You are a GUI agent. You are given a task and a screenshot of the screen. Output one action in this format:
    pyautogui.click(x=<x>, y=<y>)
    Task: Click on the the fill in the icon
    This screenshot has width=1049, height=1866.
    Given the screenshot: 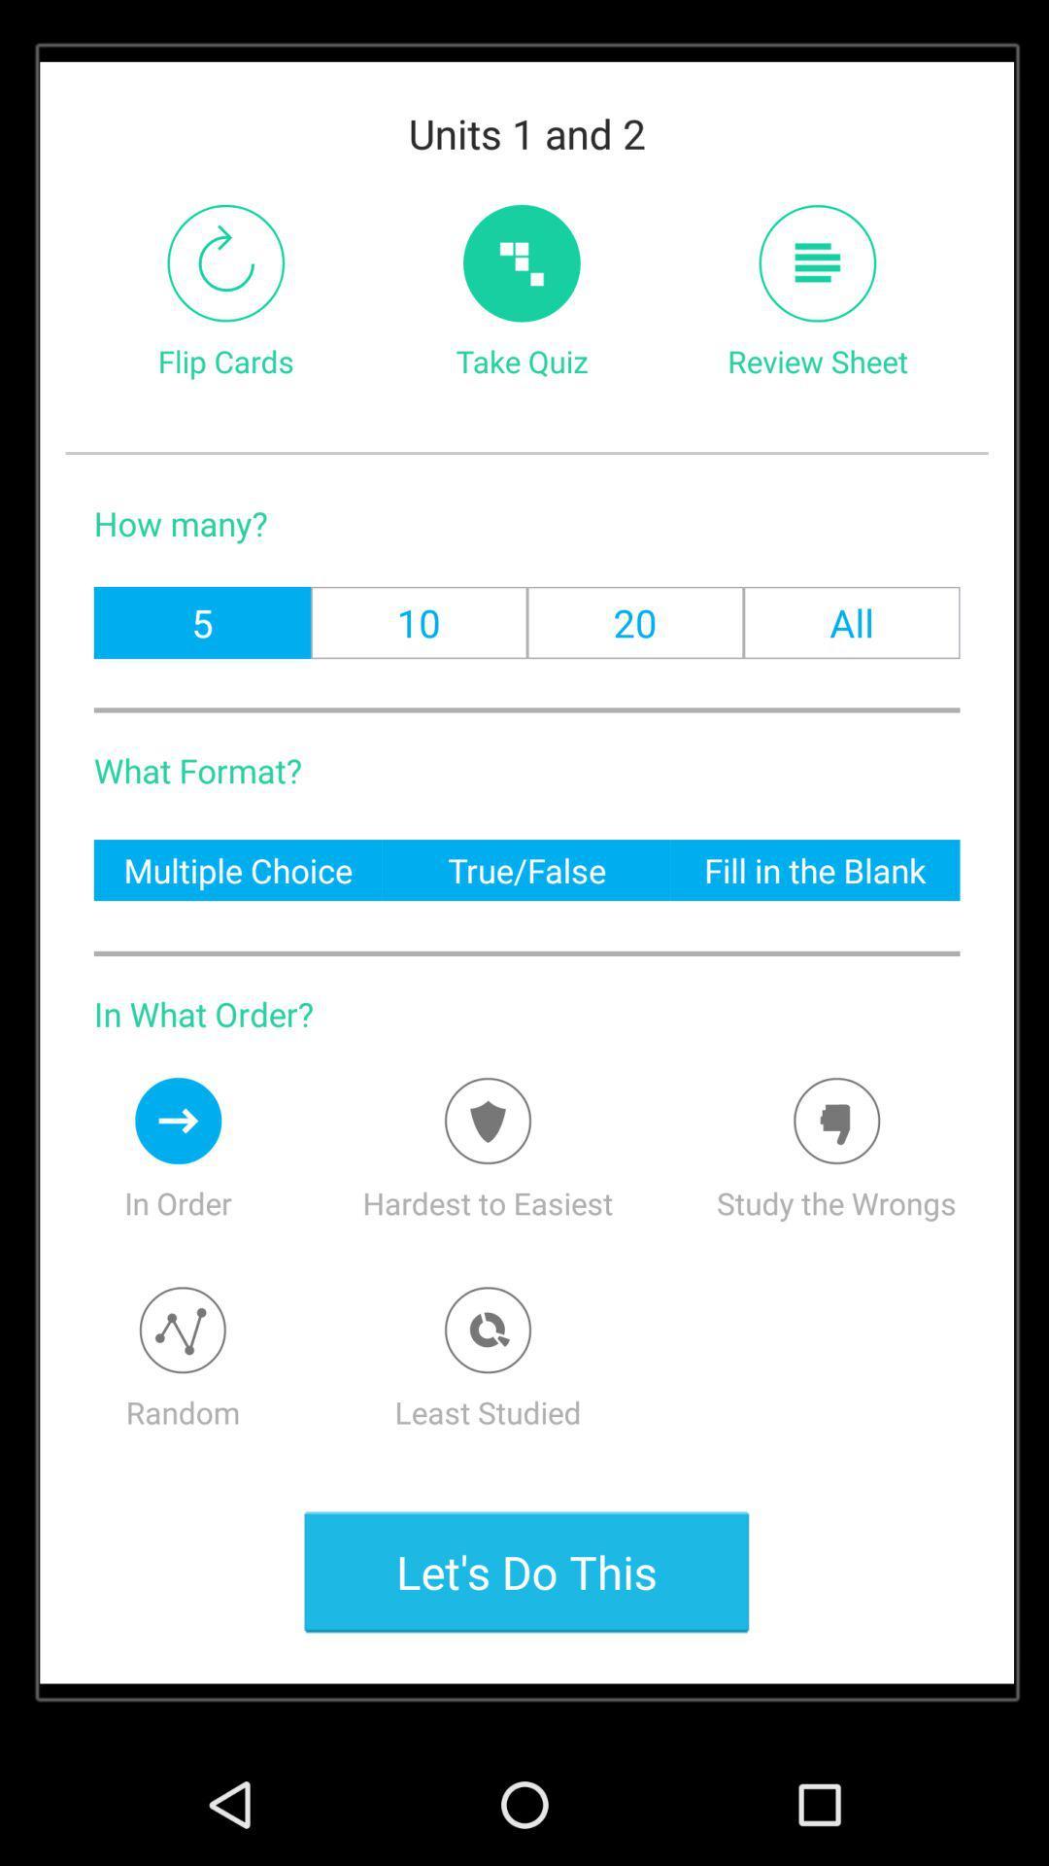 What is the action you would take?
    pyautogui.click(x=815, y=869)
    